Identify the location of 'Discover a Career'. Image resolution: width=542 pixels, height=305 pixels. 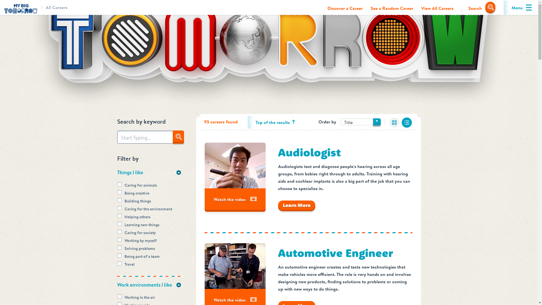
(345, 8).